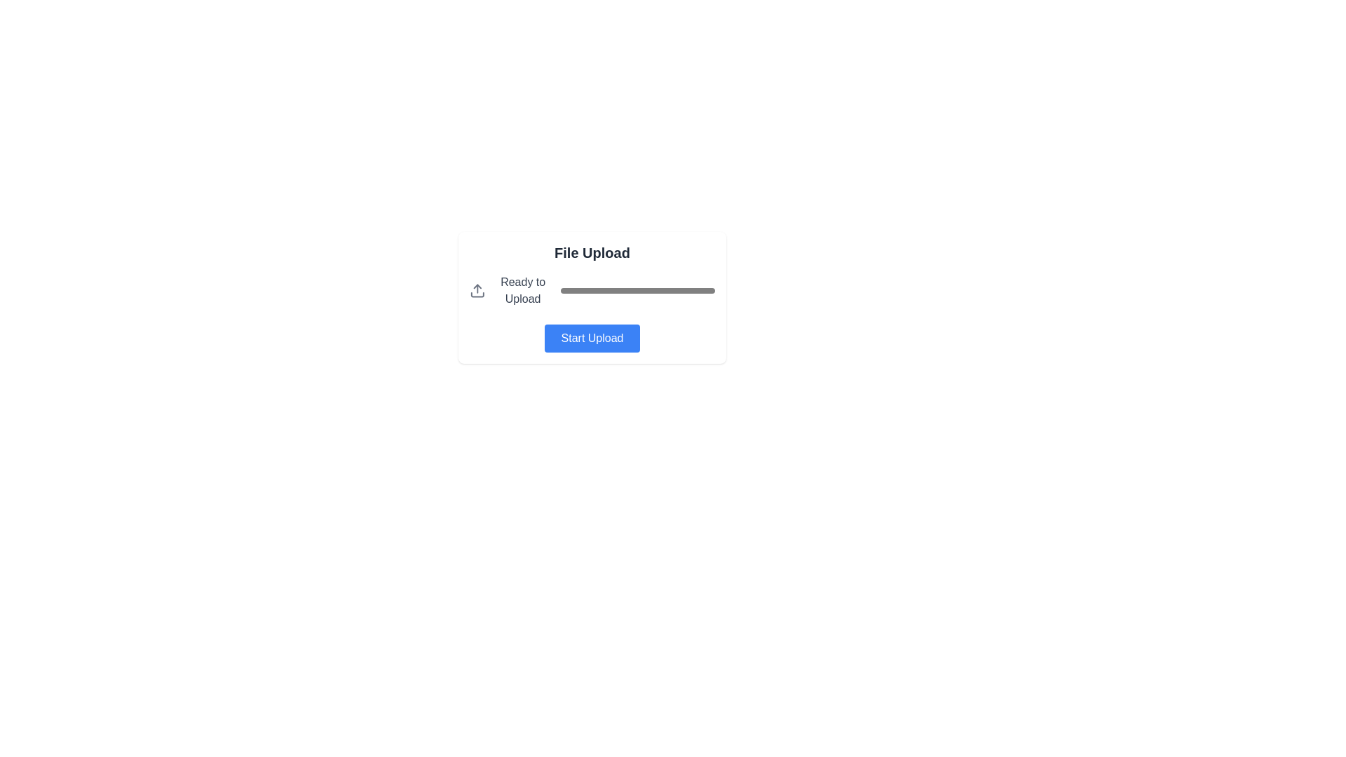 The width and height of the screenshot is (1346, 757). Describe the element at coordinates (592, 290) in the screenshot. I see `the empty progress bar labeled 'Ready to Upload' located under the 'File Upload' title and above the 'Start Upload' button` at that location.